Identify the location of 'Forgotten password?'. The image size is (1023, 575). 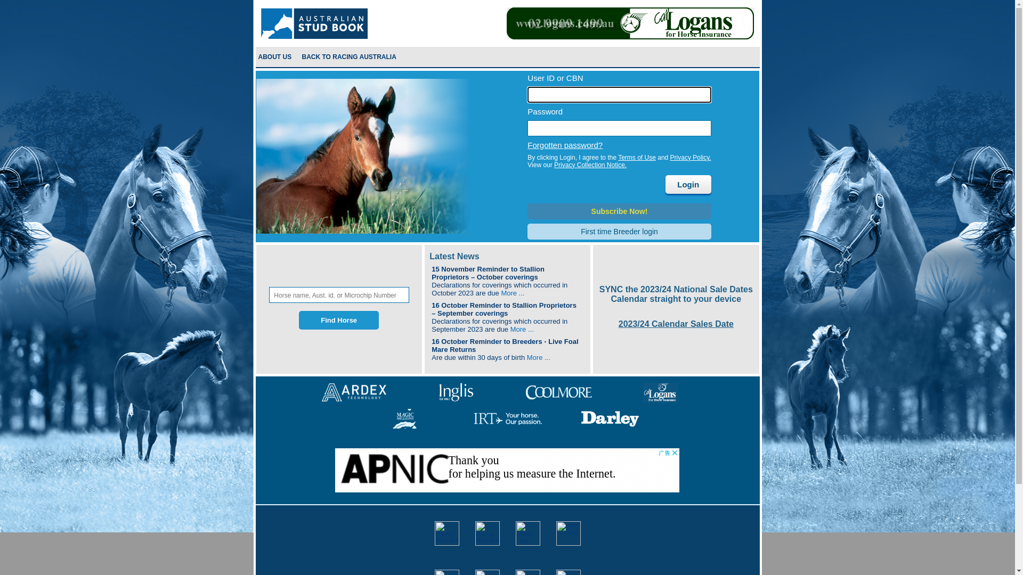
(564, 145).